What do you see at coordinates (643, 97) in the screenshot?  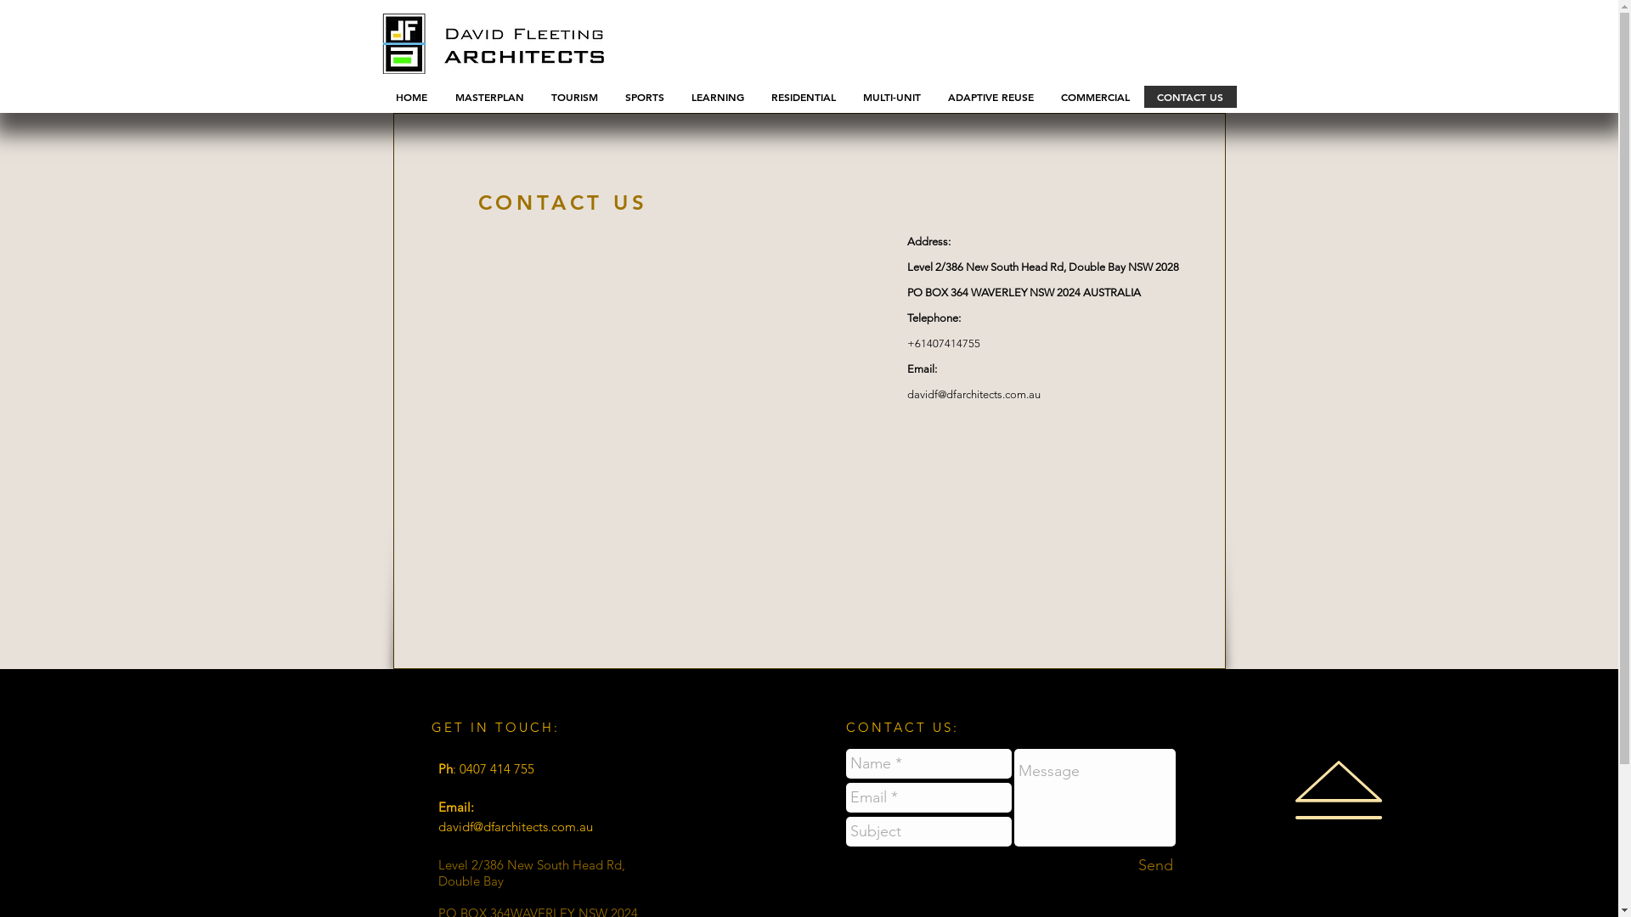 I see `'SPORTS'` at bounding box center [643, 97].